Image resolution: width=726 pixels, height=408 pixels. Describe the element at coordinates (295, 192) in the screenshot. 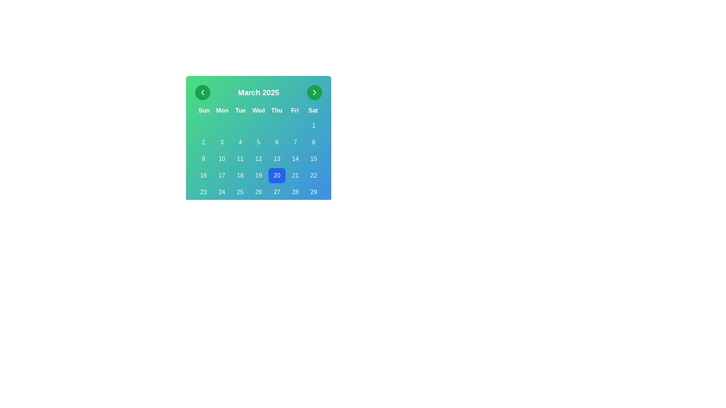

I see `the center of the button representing the date '28' in the calendar interface` at that location.